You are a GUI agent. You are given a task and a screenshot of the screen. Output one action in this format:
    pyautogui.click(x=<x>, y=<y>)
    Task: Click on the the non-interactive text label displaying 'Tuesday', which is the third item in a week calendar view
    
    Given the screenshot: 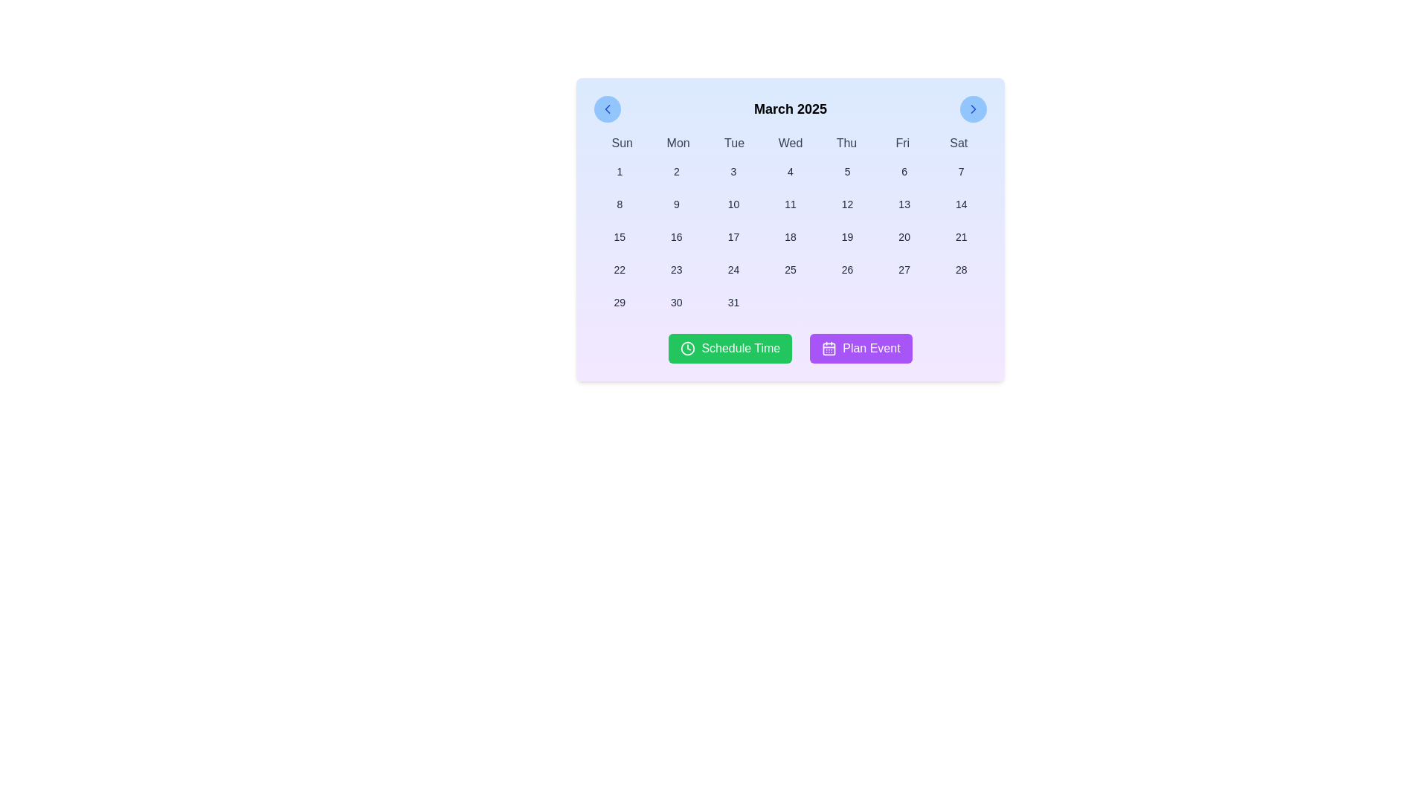 What is the action you would take?
    pyautogui.click(x=734, y=143)
    